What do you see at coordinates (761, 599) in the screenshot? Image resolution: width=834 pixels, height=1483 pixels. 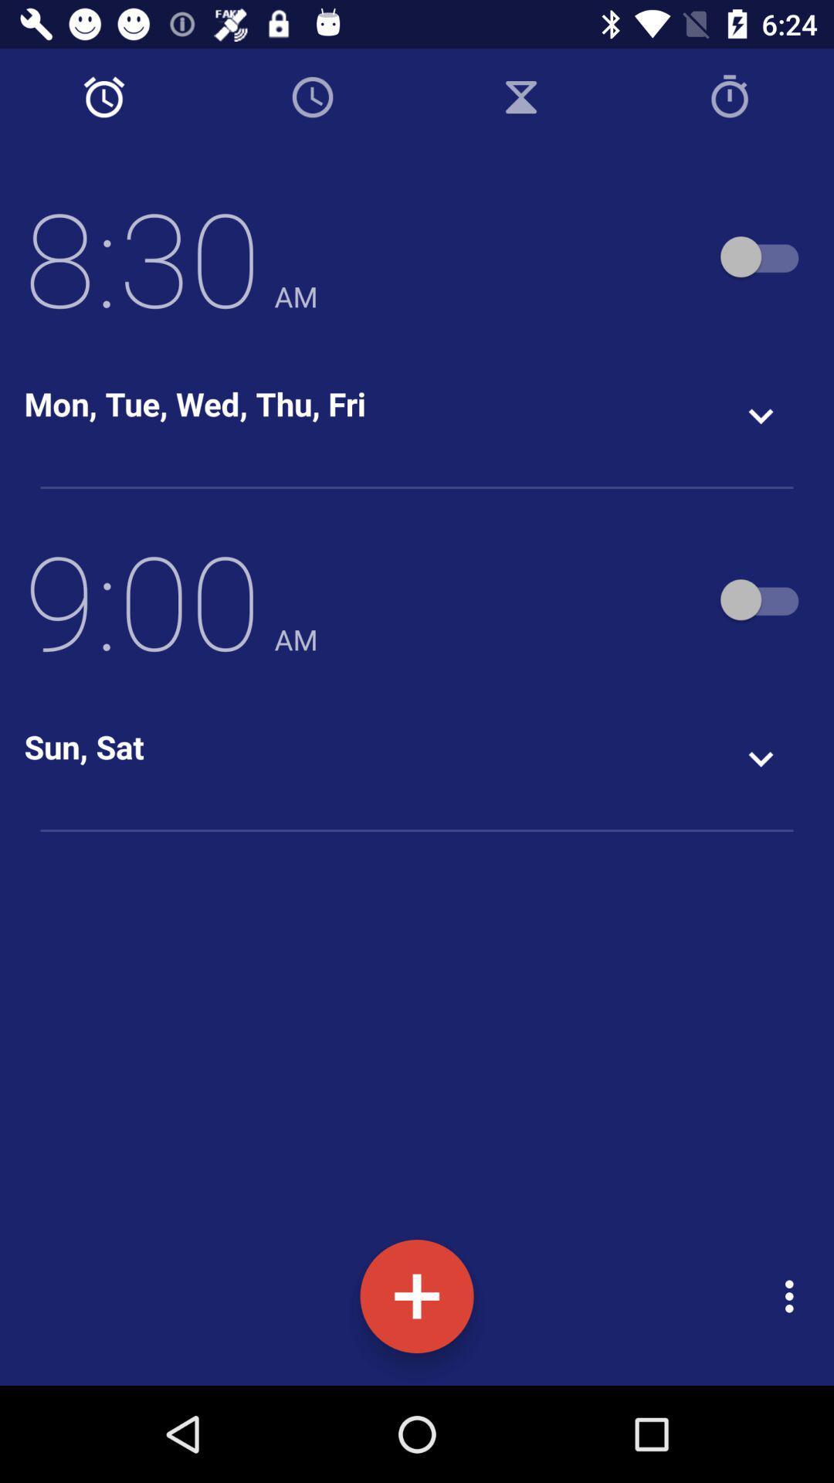 I see `icon on the right side of 900 am` at bounding box center [761, 599].